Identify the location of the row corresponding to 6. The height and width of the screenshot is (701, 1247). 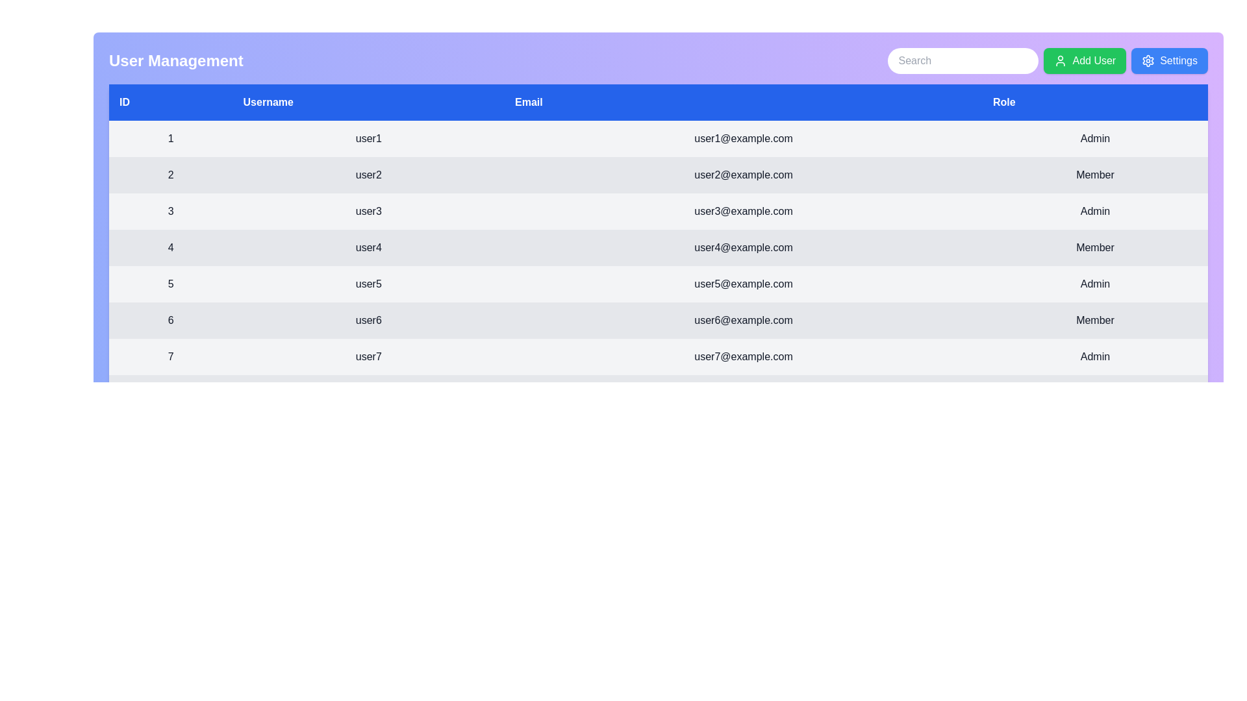
(658, 320).